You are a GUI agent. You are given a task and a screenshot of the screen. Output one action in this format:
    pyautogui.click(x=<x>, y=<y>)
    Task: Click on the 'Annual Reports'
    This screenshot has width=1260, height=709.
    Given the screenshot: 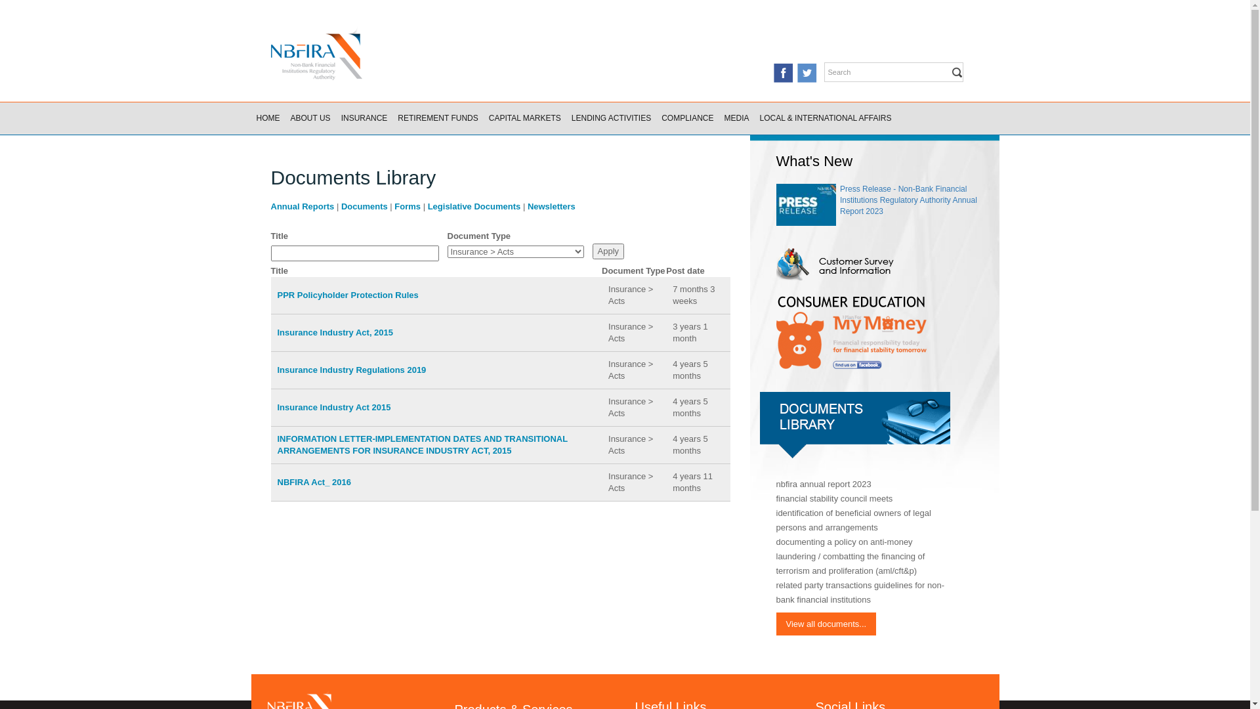 What is the action you would take?
    pyautogui.click(x=270, y=206)
    